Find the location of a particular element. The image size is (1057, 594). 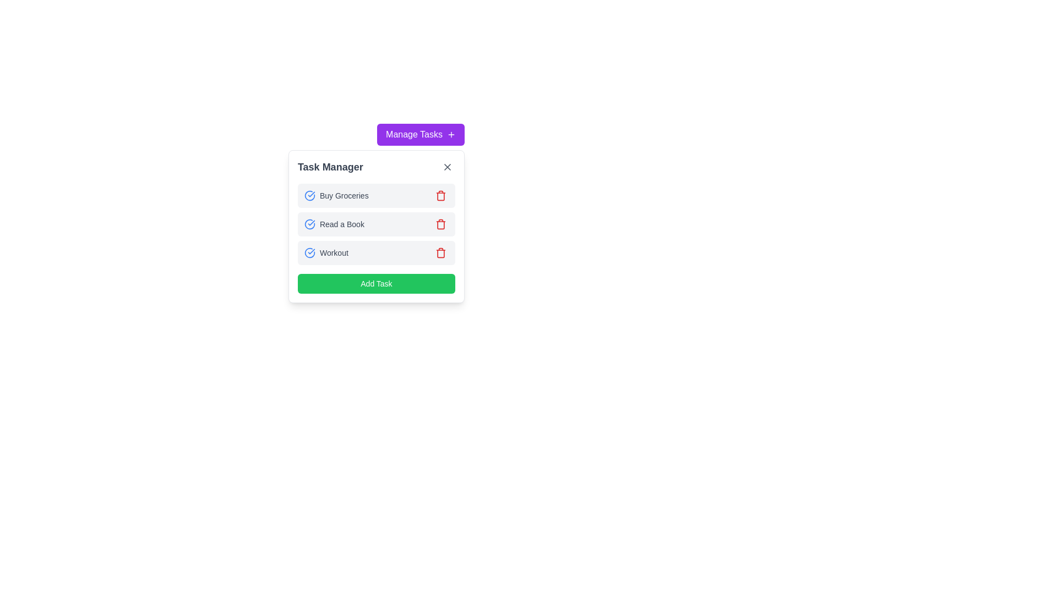

the close button represented by a diagonal cross ('X') icon in the upper-right corner of the Task Manager panel is located at coordinates (447, 167).